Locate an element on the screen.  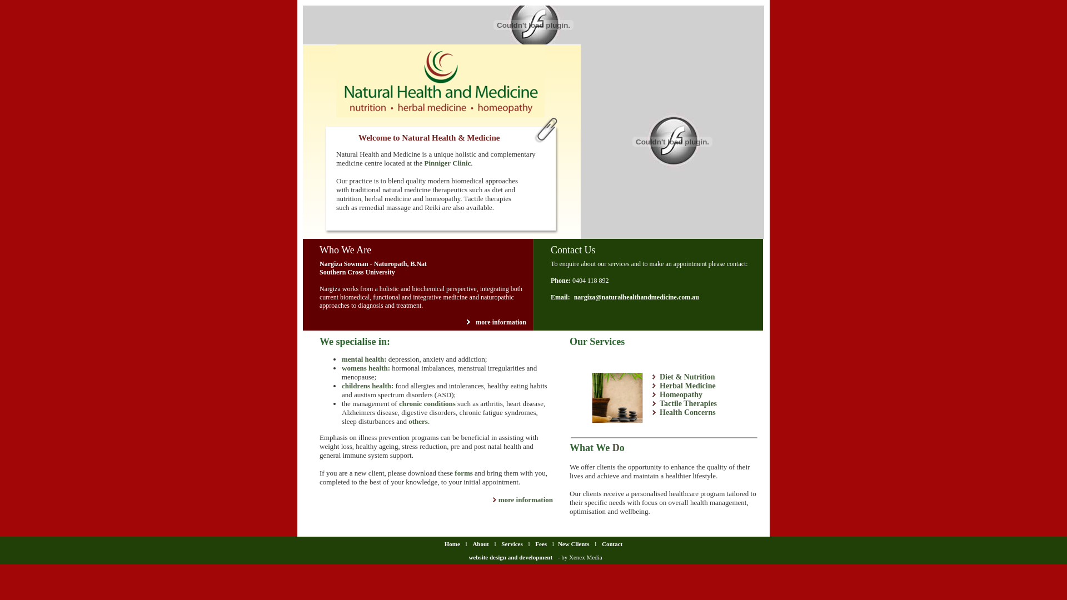
'nargiza@naturalhealthandmedicine.com.au' is located at coordinates (636, 297).